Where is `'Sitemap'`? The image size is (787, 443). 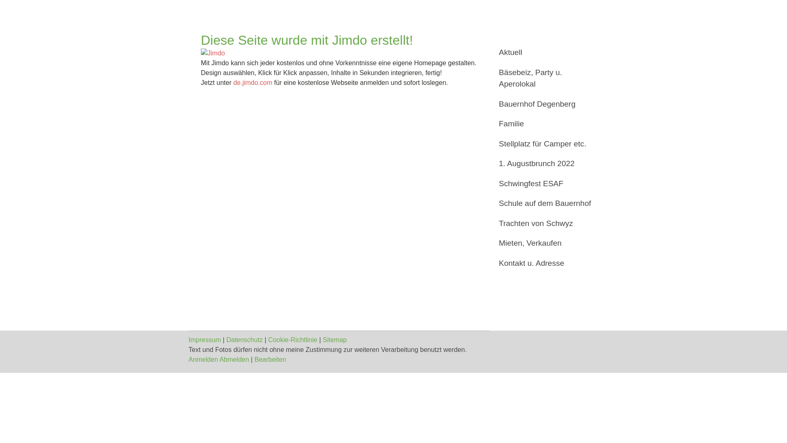 'Sitemap' is located at coordinates (334, 340).